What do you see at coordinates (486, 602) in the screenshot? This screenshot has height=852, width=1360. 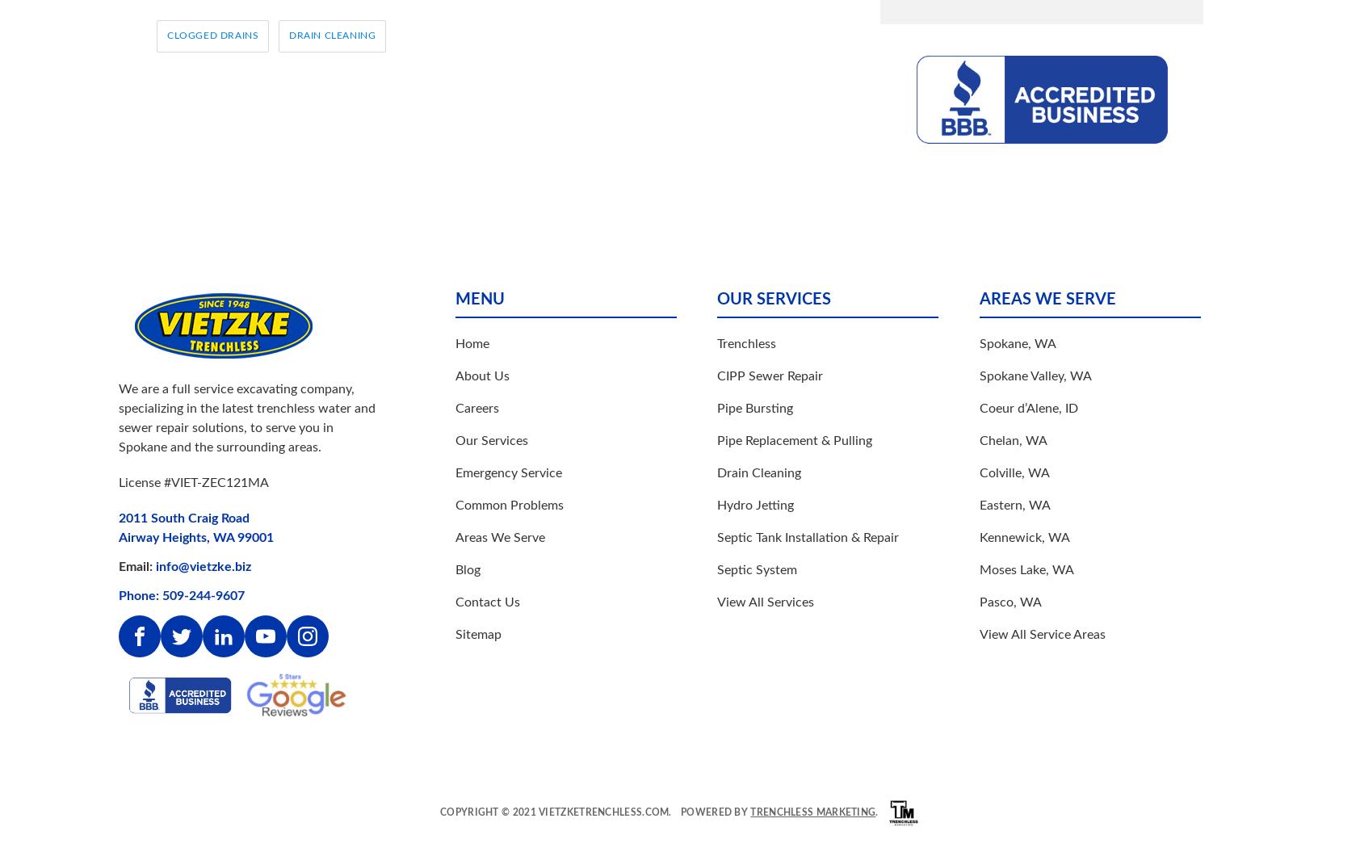 I see `'Contact Us'` at bounding box center [486, 602].